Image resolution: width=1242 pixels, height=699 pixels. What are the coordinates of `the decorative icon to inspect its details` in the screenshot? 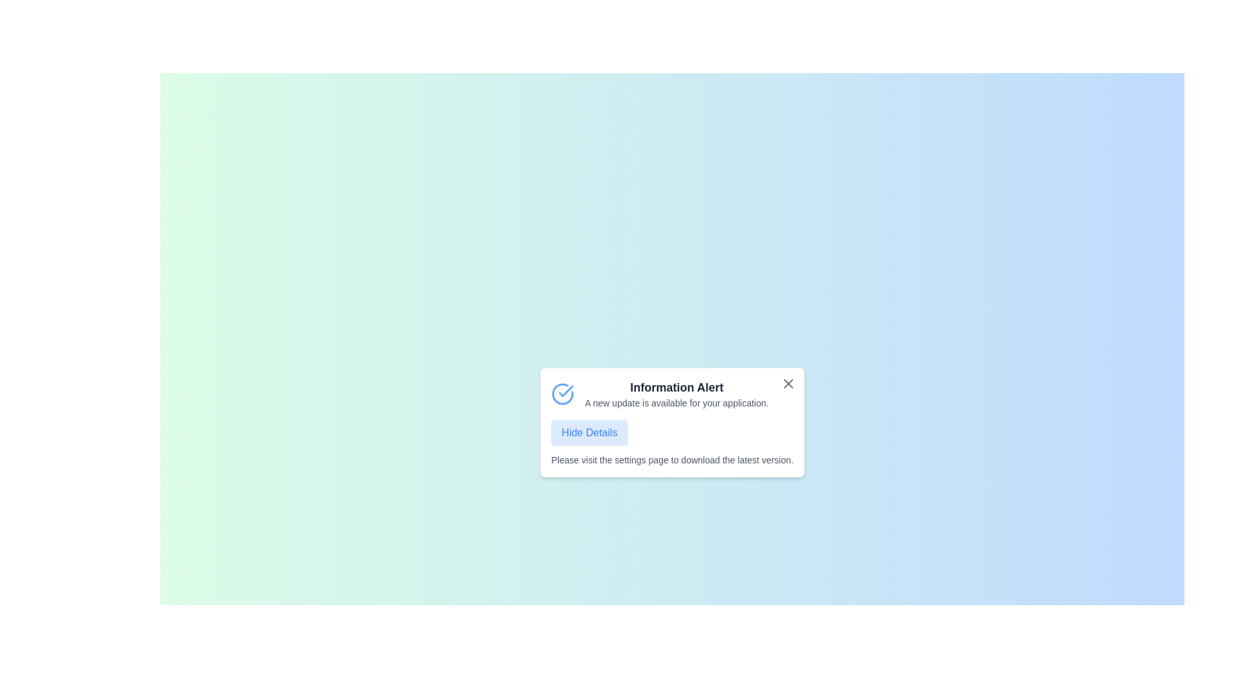 It's located at (562, 394).